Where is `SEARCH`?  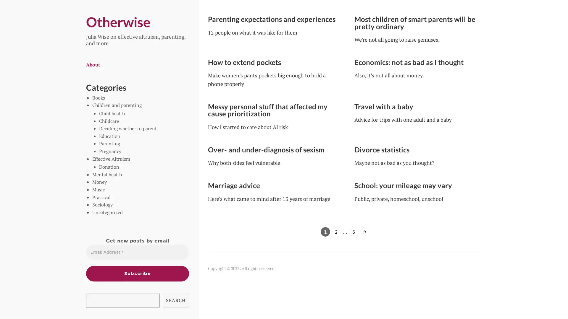
SEARCH is located at coordinates (175, 300).